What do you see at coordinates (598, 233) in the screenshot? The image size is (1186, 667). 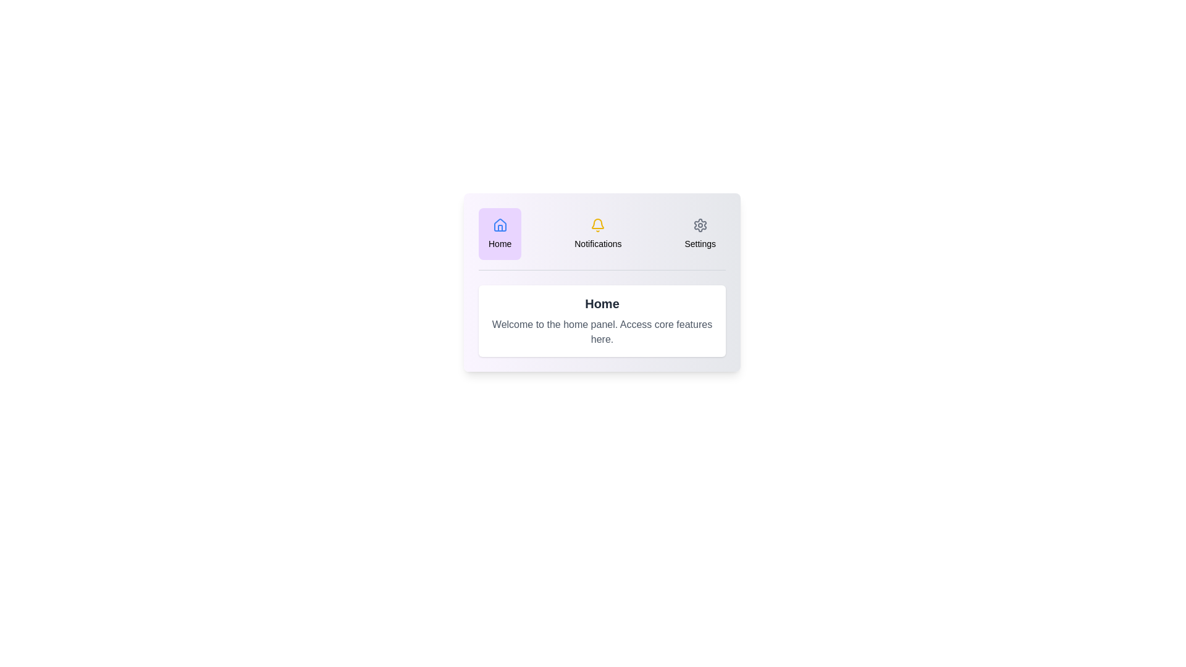 I see `the Notifications tab in the DashboardInteractiveTabs component` at bounding box center [598, 233].